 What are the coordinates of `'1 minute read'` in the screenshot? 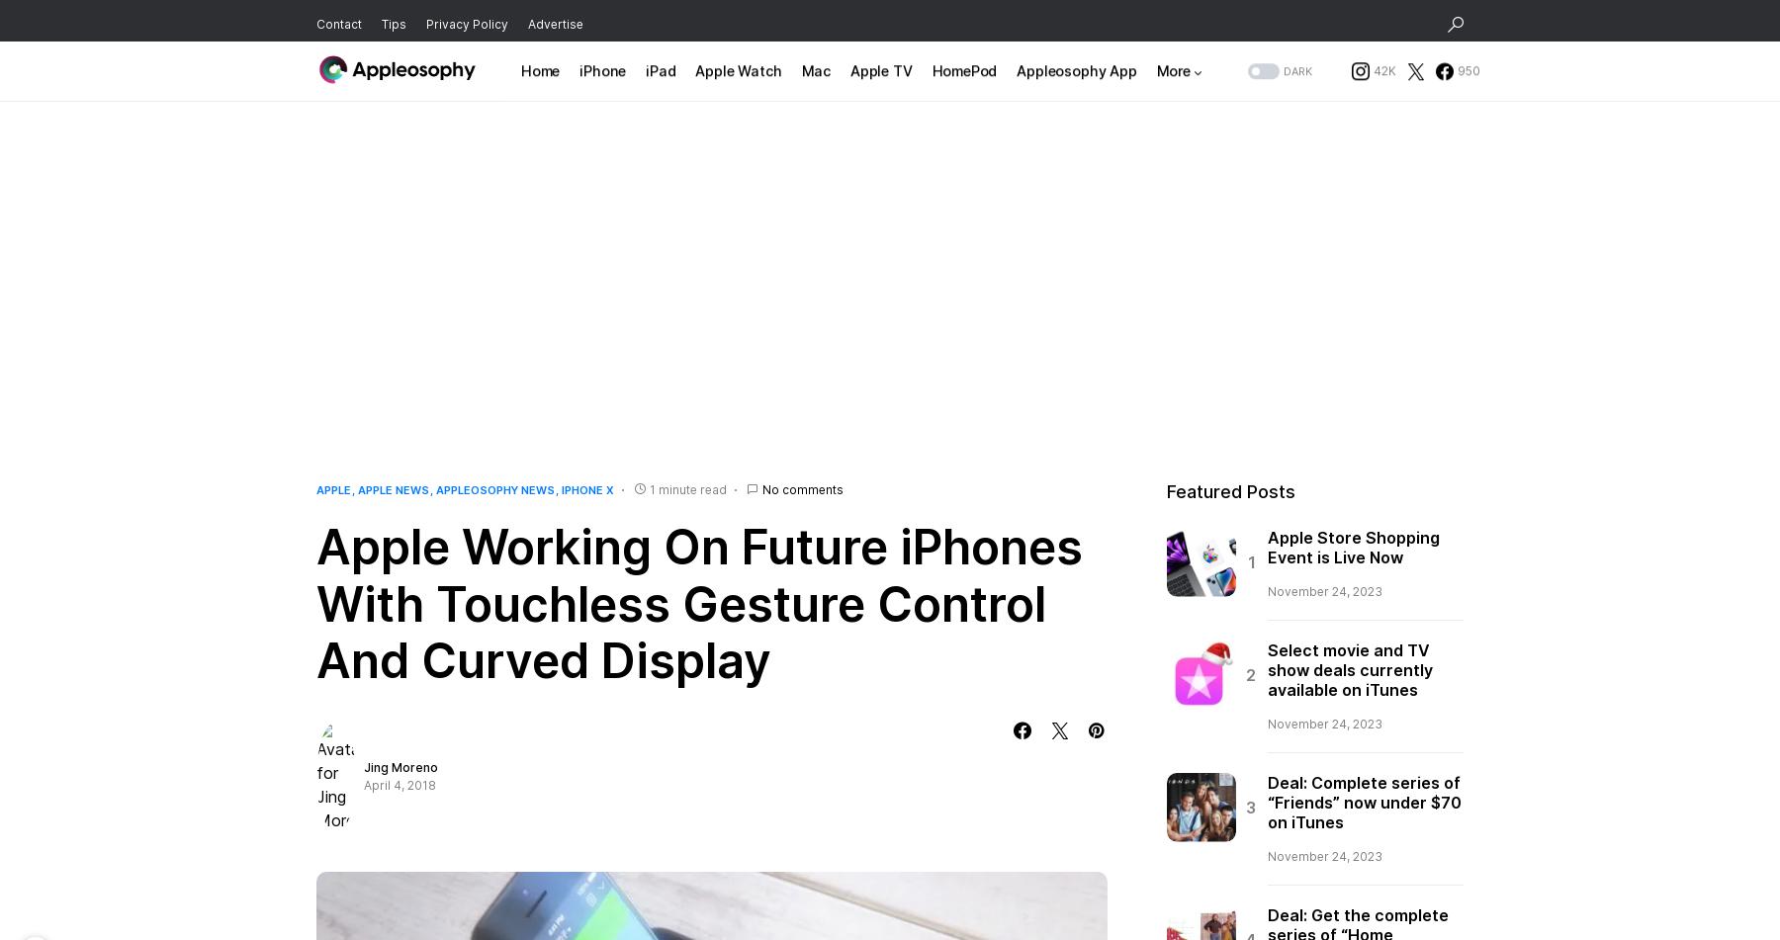 It's located at (687, 488).